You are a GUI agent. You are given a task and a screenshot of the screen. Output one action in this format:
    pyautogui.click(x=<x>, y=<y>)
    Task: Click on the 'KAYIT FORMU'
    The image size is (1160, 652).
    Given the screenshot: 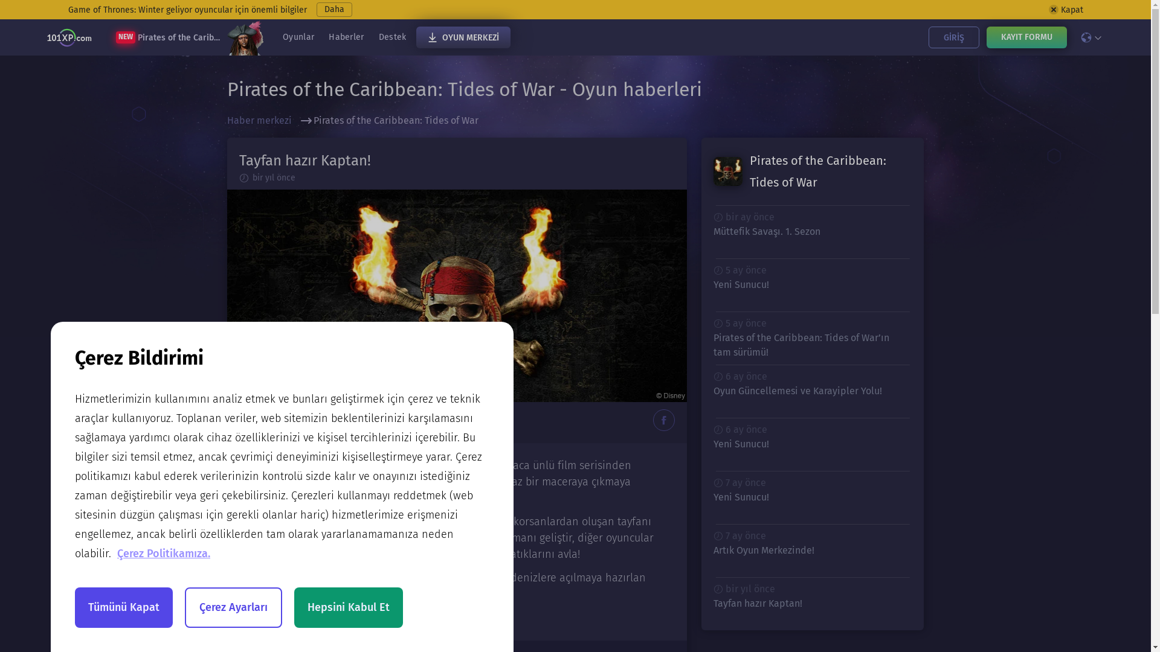 What is the action you would take?
    pyautogui.click(x=1025, y=36)
    